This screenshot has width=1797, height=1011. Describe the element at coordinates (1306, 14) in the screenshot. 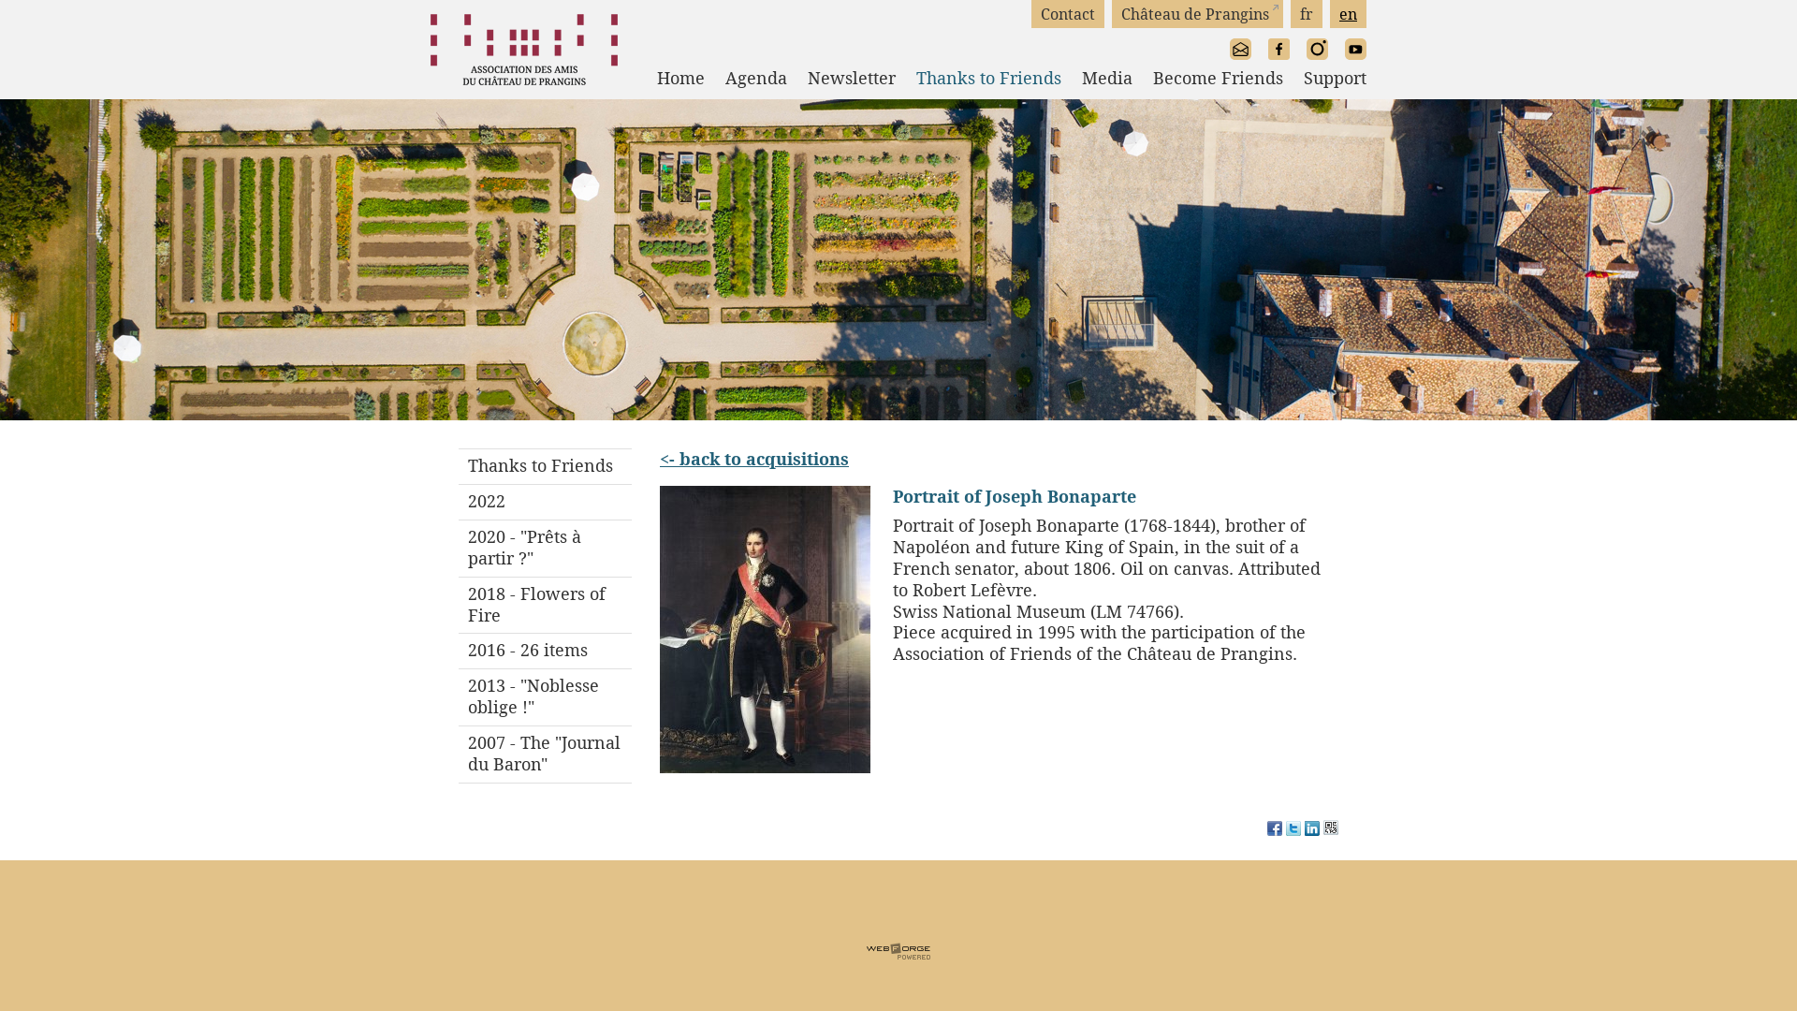

I see `'fr'` at that location.